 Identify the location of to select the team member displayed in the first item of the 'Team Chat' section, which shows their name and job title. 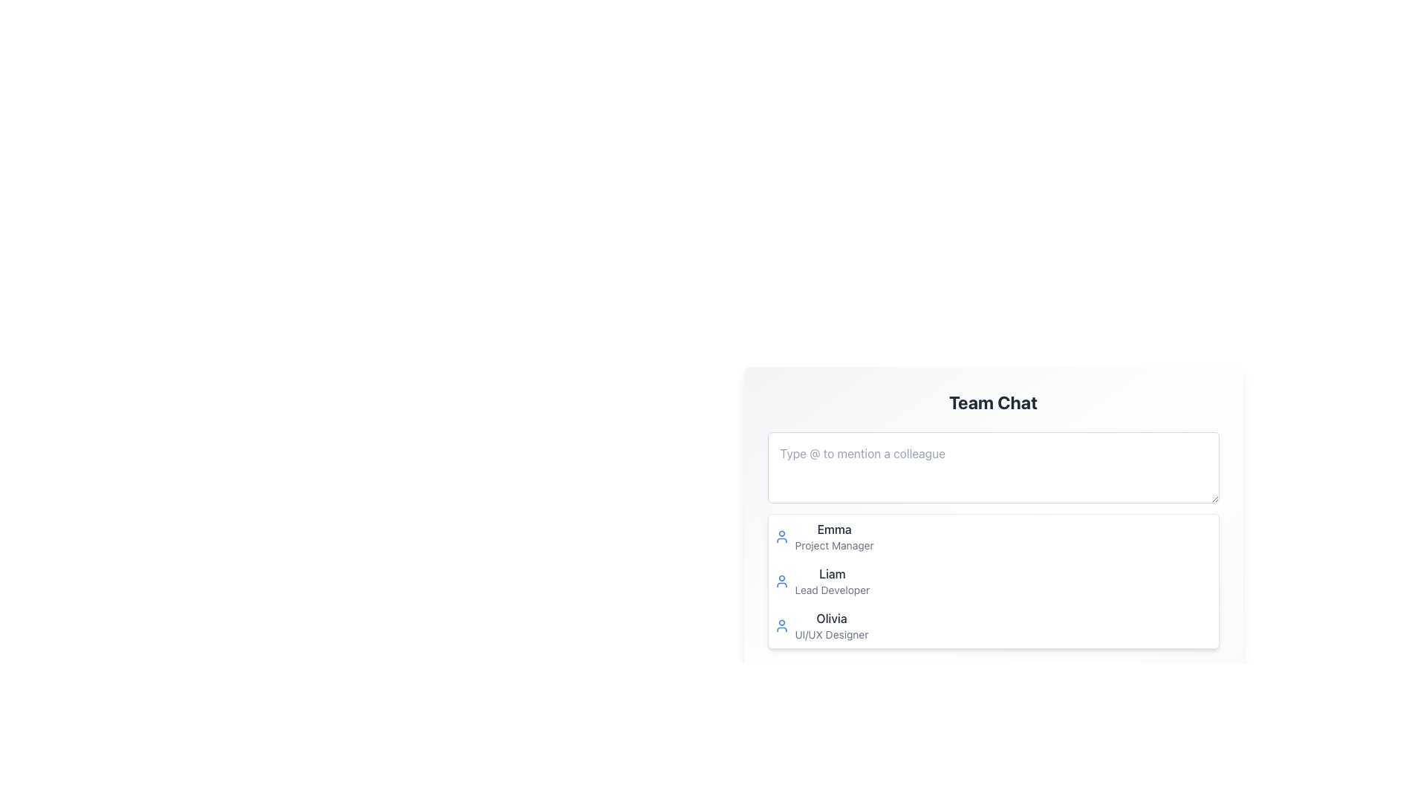
(834, 536).